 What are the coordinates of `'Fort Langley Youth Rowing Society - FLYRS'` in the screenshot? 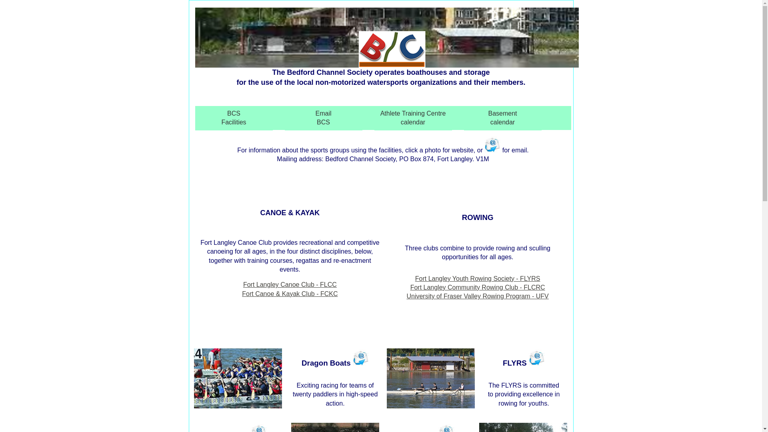 It's located at (478, 278).